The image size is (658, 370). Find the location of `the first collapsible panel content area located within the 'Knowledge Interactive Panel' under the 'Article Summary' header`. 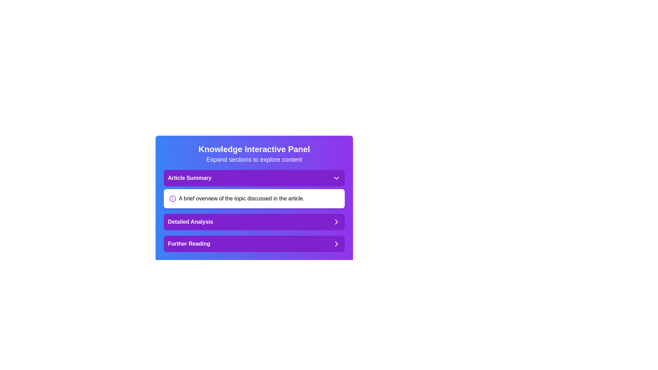

the first collapsible panel content area located within the 'Knowledge Interactive Panel' under the 'Article Summary' header is located at coordinates (254, 189).